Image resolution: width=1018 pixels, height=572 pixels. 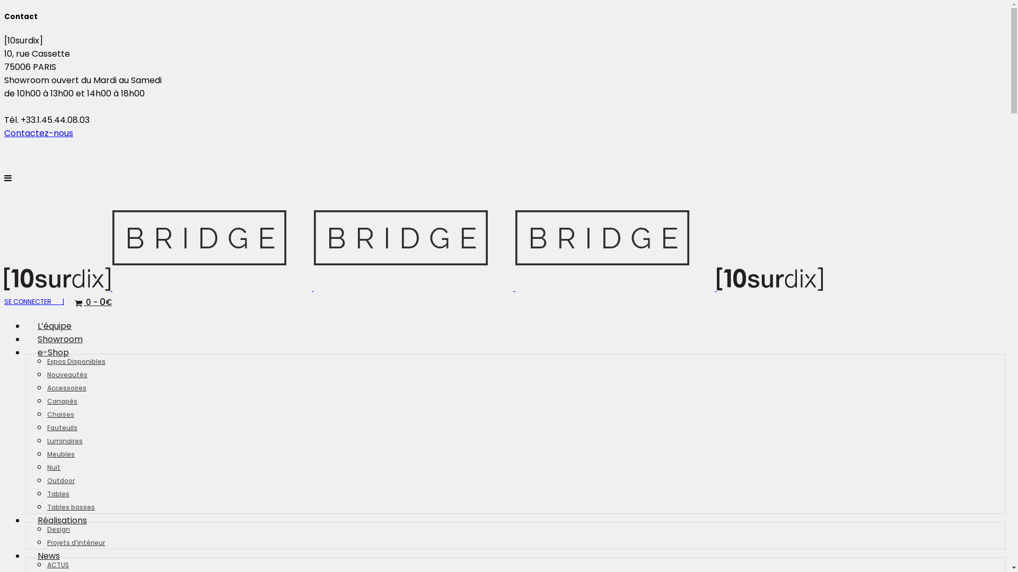 What do you see at coordinates (25, 555) in the screenshot?
I see `'News'` at bounding box center [25, 555].